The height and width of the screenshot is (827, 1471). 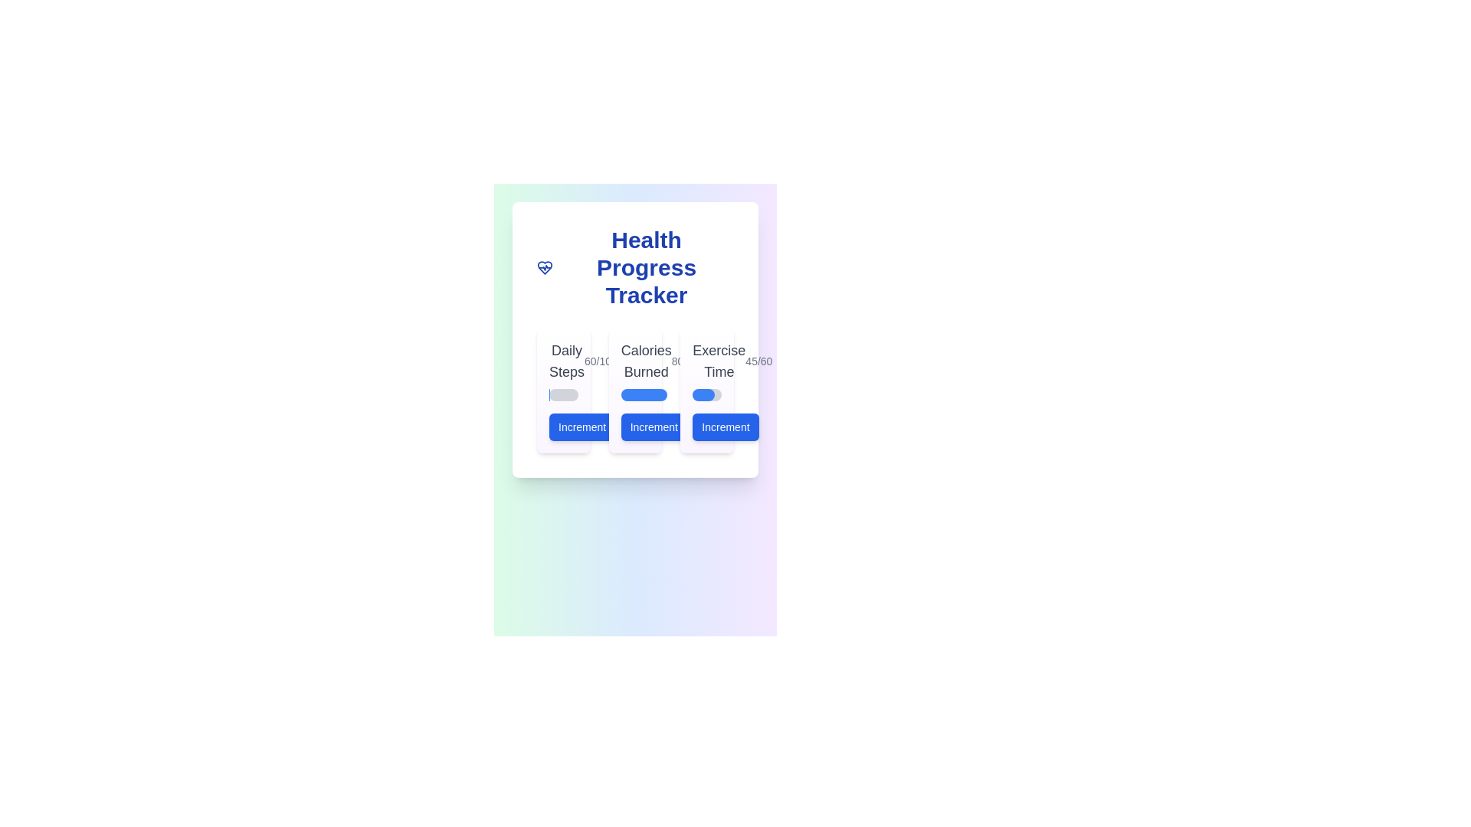 I want to click on the SVG Circle Element representing the 'Calories Burned' section in the fitness metrics interface, so click(x=624, y=427).